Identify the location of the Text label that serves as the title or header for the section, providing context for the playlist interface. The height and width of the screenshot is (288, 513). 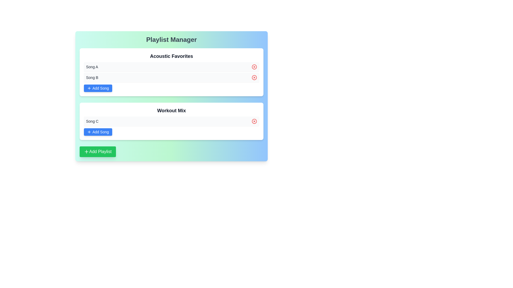
(172, 39).